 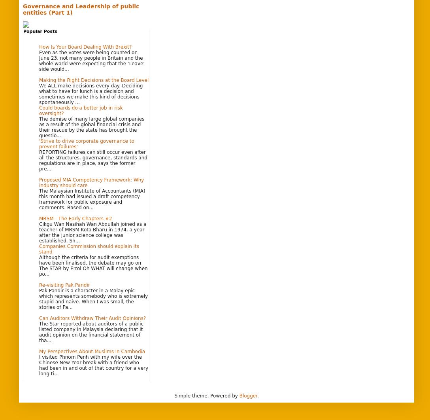 What do you see at coordinates (39, 110) in the screenshot?
I see `'Could boards do a better job in risk oversight?'` at bounding box center [39, 110].